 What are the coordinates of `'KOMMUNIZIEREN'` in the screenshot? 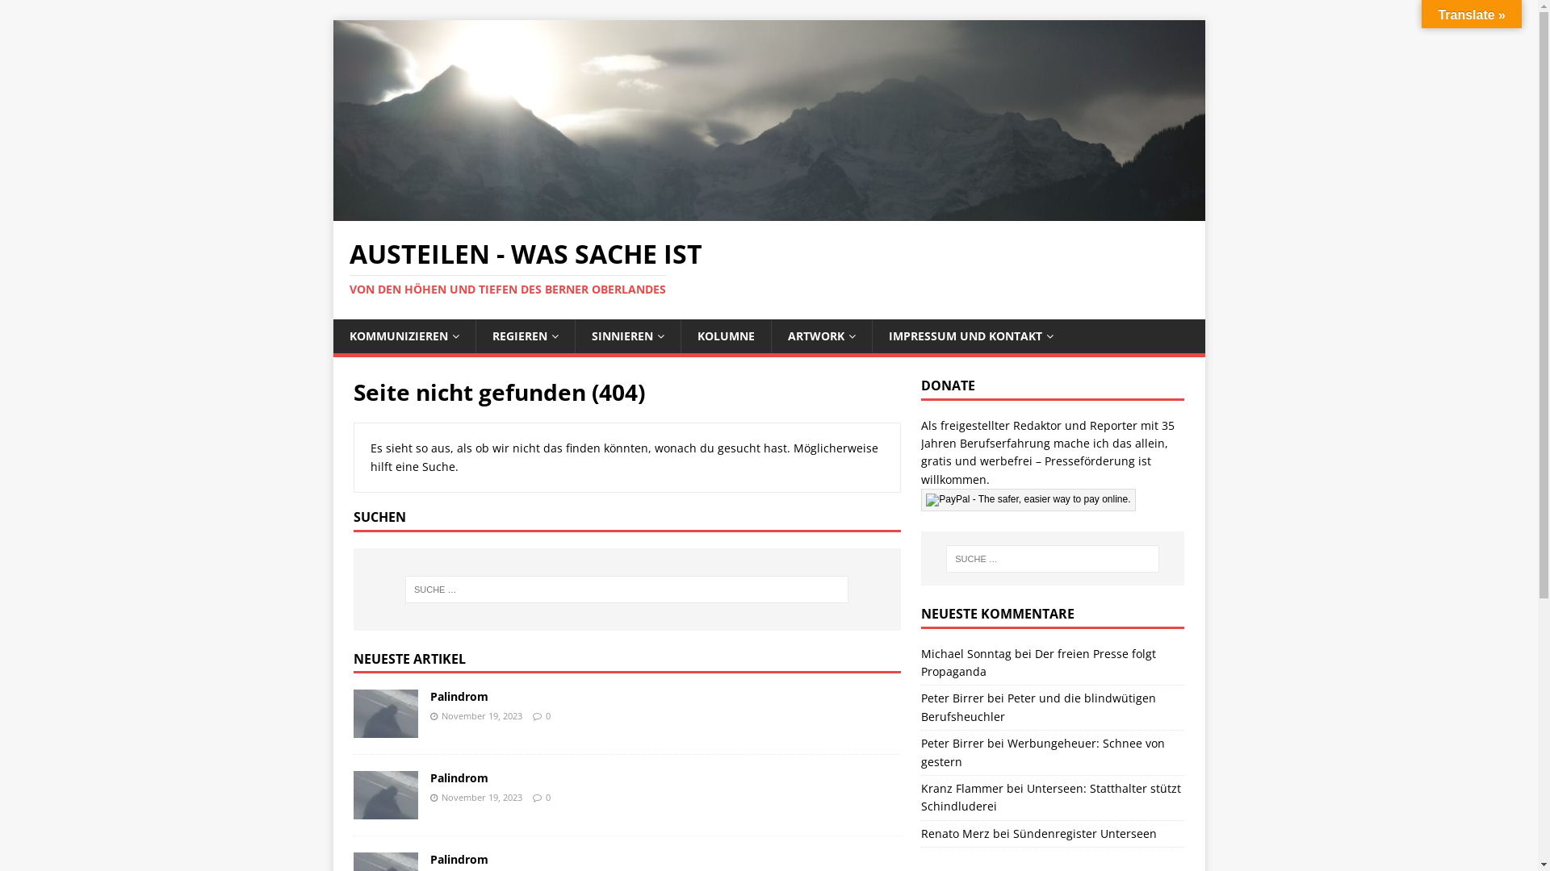 It's located at (403, 335).